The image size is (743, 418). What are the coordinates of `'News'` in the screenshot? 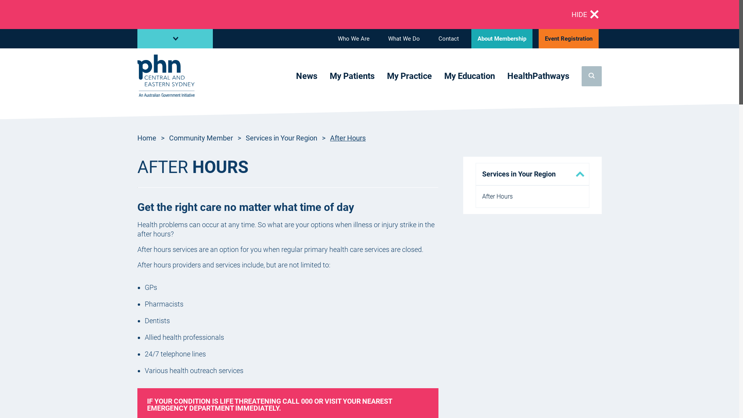 It's located at (295, 77).